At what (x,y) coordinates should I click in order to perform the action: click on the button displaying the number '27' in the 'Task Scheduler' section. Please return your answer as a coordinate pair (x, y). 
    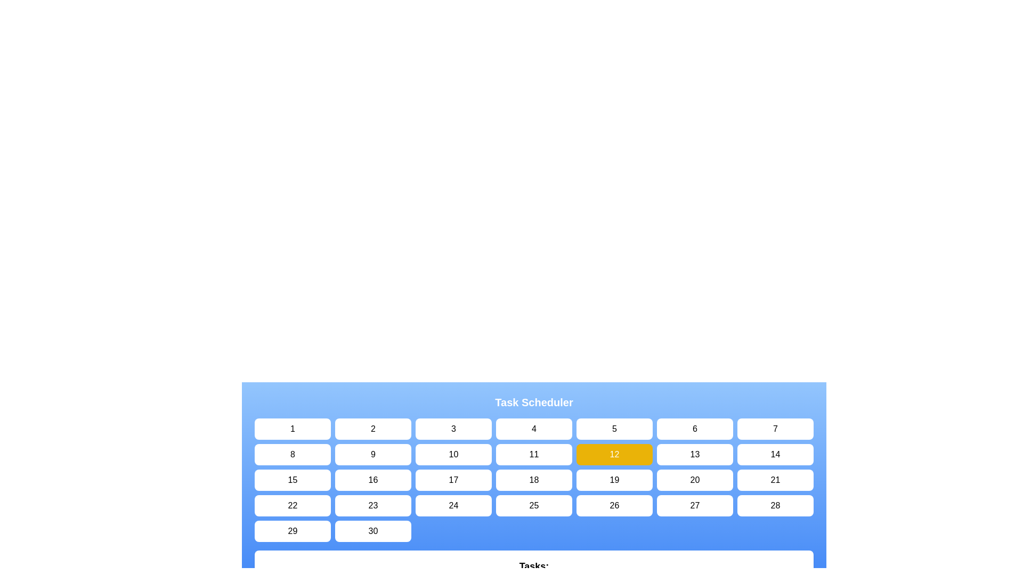
    Looking at the image, I should click on (695, 505).